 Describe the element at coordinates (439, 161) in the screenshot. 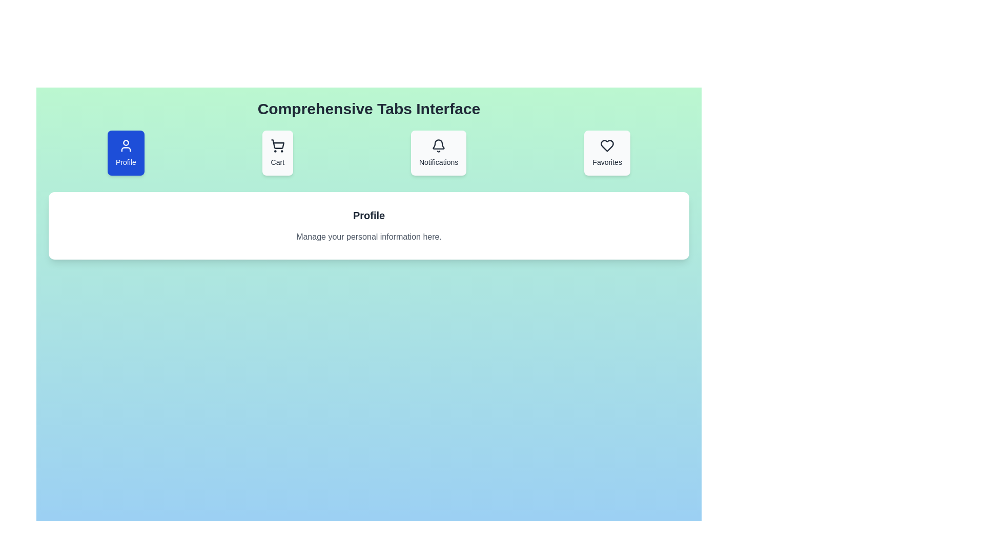

I see `the text label displaying 'Notifications', which is styled minimally and positioned beneath a bell icon within a card-like component` at that location.